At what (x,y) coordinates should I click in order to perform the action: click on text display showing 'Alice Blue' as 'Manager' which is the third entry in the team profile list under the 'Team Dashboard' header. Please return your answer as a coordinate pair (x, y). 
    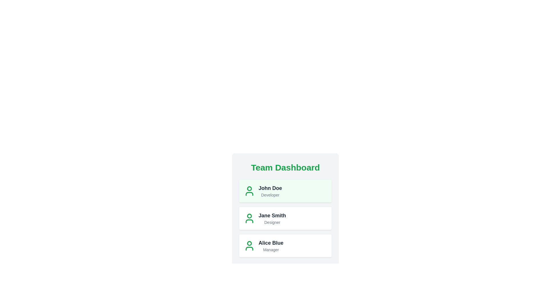
    Looking at the image, I should click on (271, 245).